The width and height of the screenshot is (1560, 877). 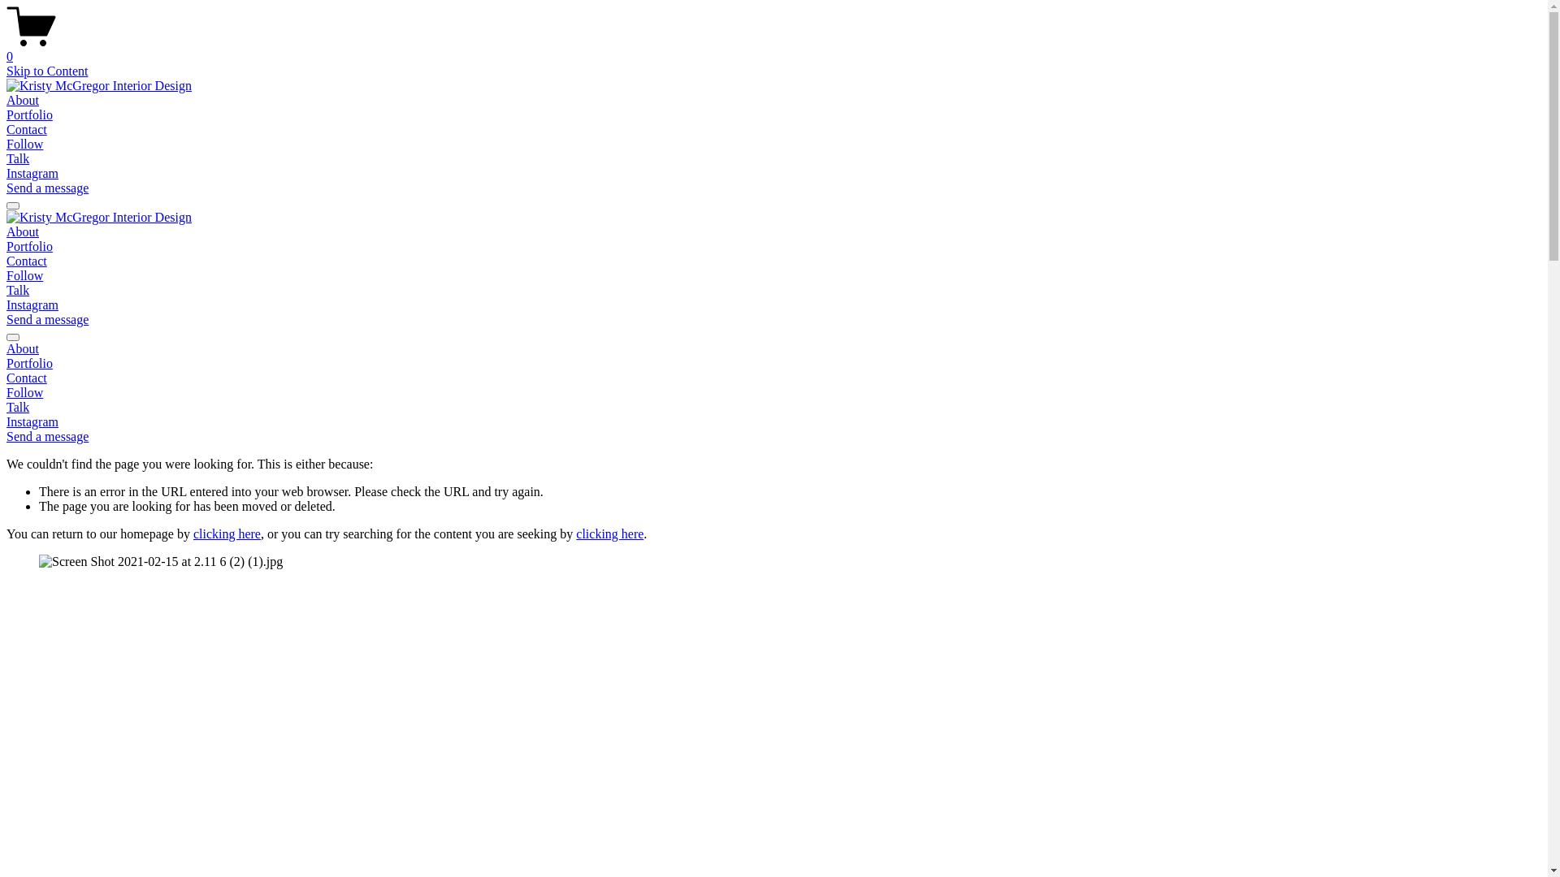 What do you see at coordinates (773, 362) in the screenshot?
I see `'Portfolio'` at bounding box center [773, 362].